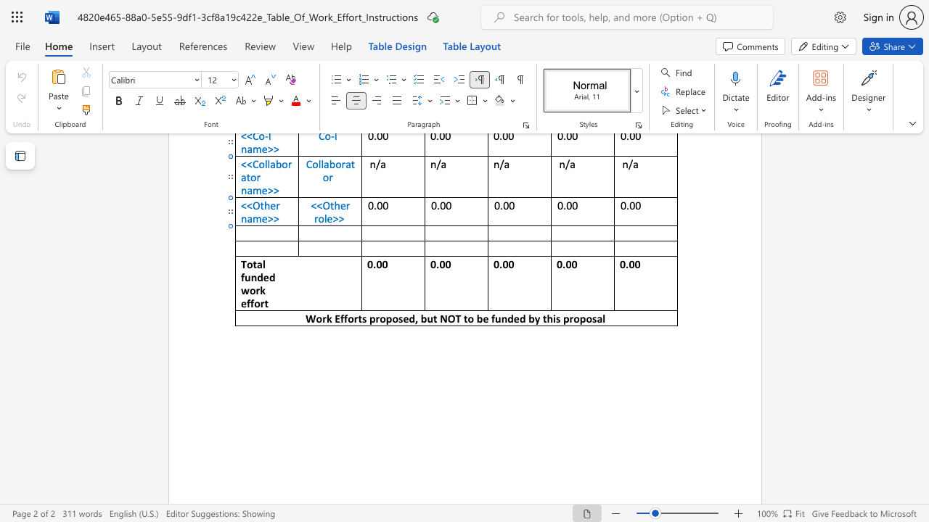  What do you see at coordinates (454, 318) in the screenshot?
I see `the space between the continuous character "O" and "T" in the text` at bounding box center [454, 318].